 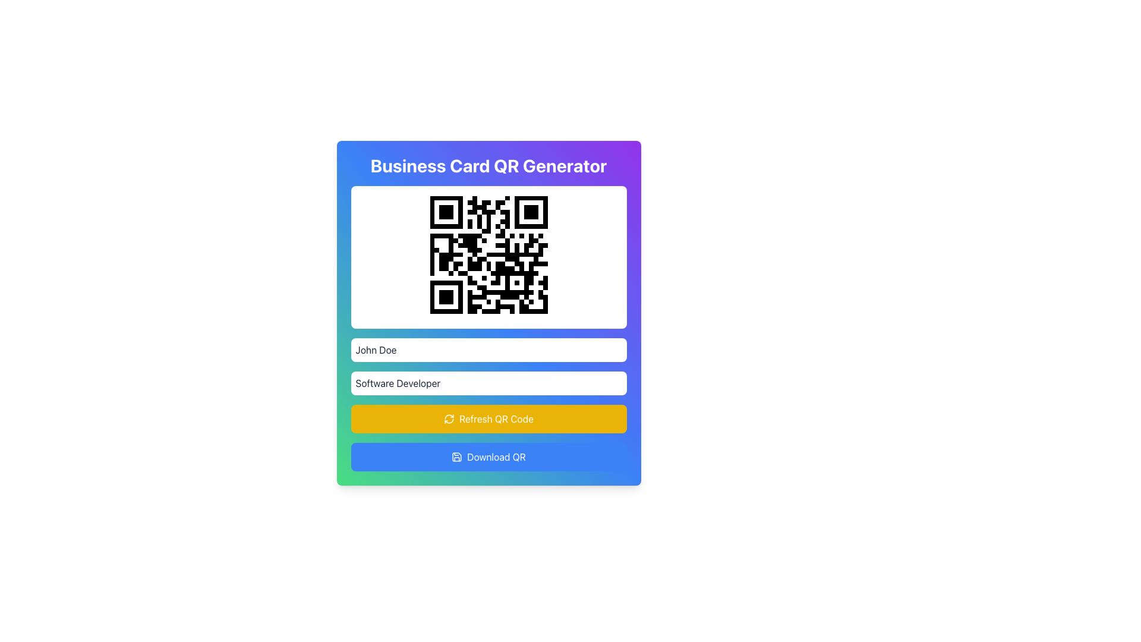 I want to click on the 'Refresh QR Code' text label which is styled within a yellow button, located toward the lower part of the interface card, so click(x=496, y=418).